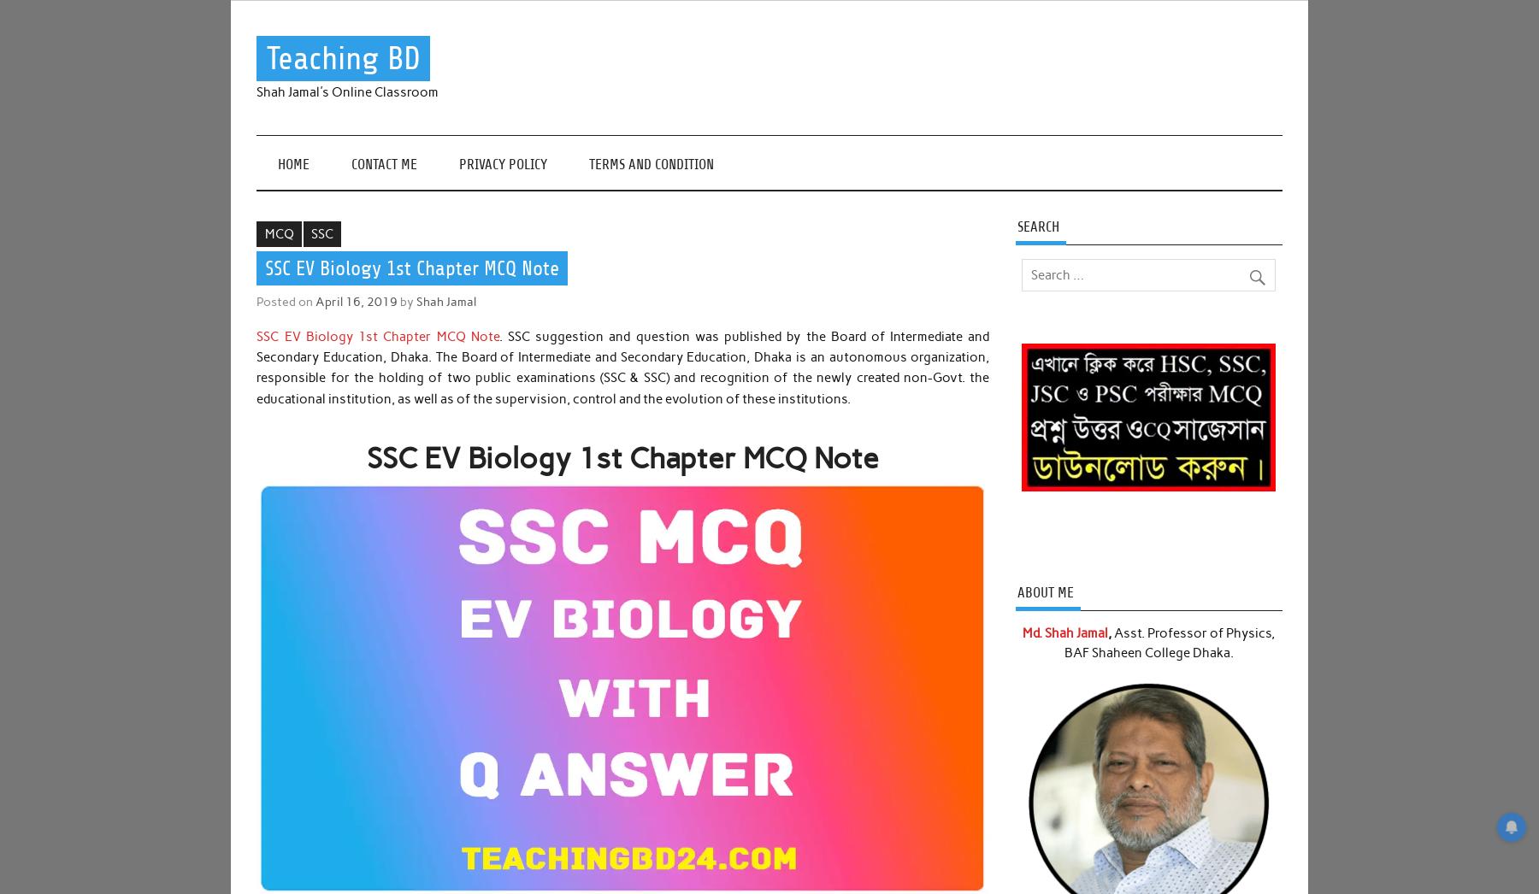  I want to click on ',', so click(1109, 632).